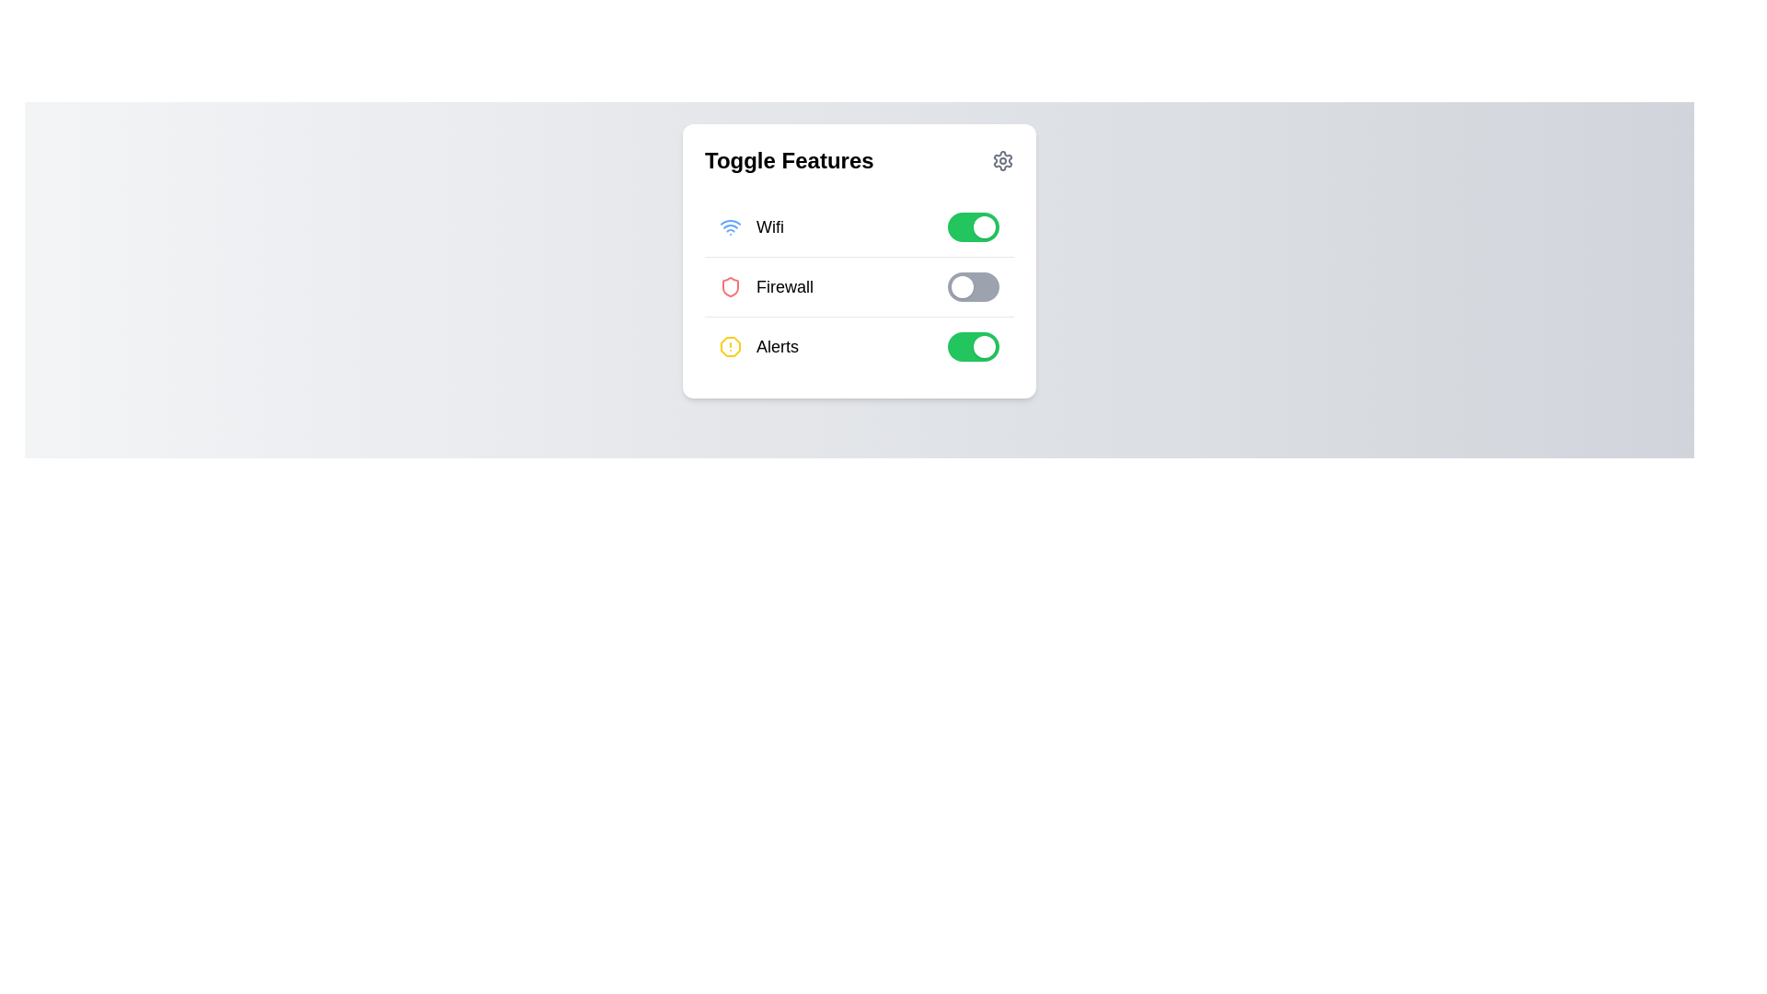 The width and height of the screenshot is (1767, 994). What do you see at coordinates (769, 225) in the screenshot?
I see `the Text label indicating Wi-Fi functionality located on the first row of the feature toggle list within the 'Toggle Features' card, positioned to the right of the blue Wi-Fi icon and above the 'Firewall' feature entry` at bounding box center [769, 225].